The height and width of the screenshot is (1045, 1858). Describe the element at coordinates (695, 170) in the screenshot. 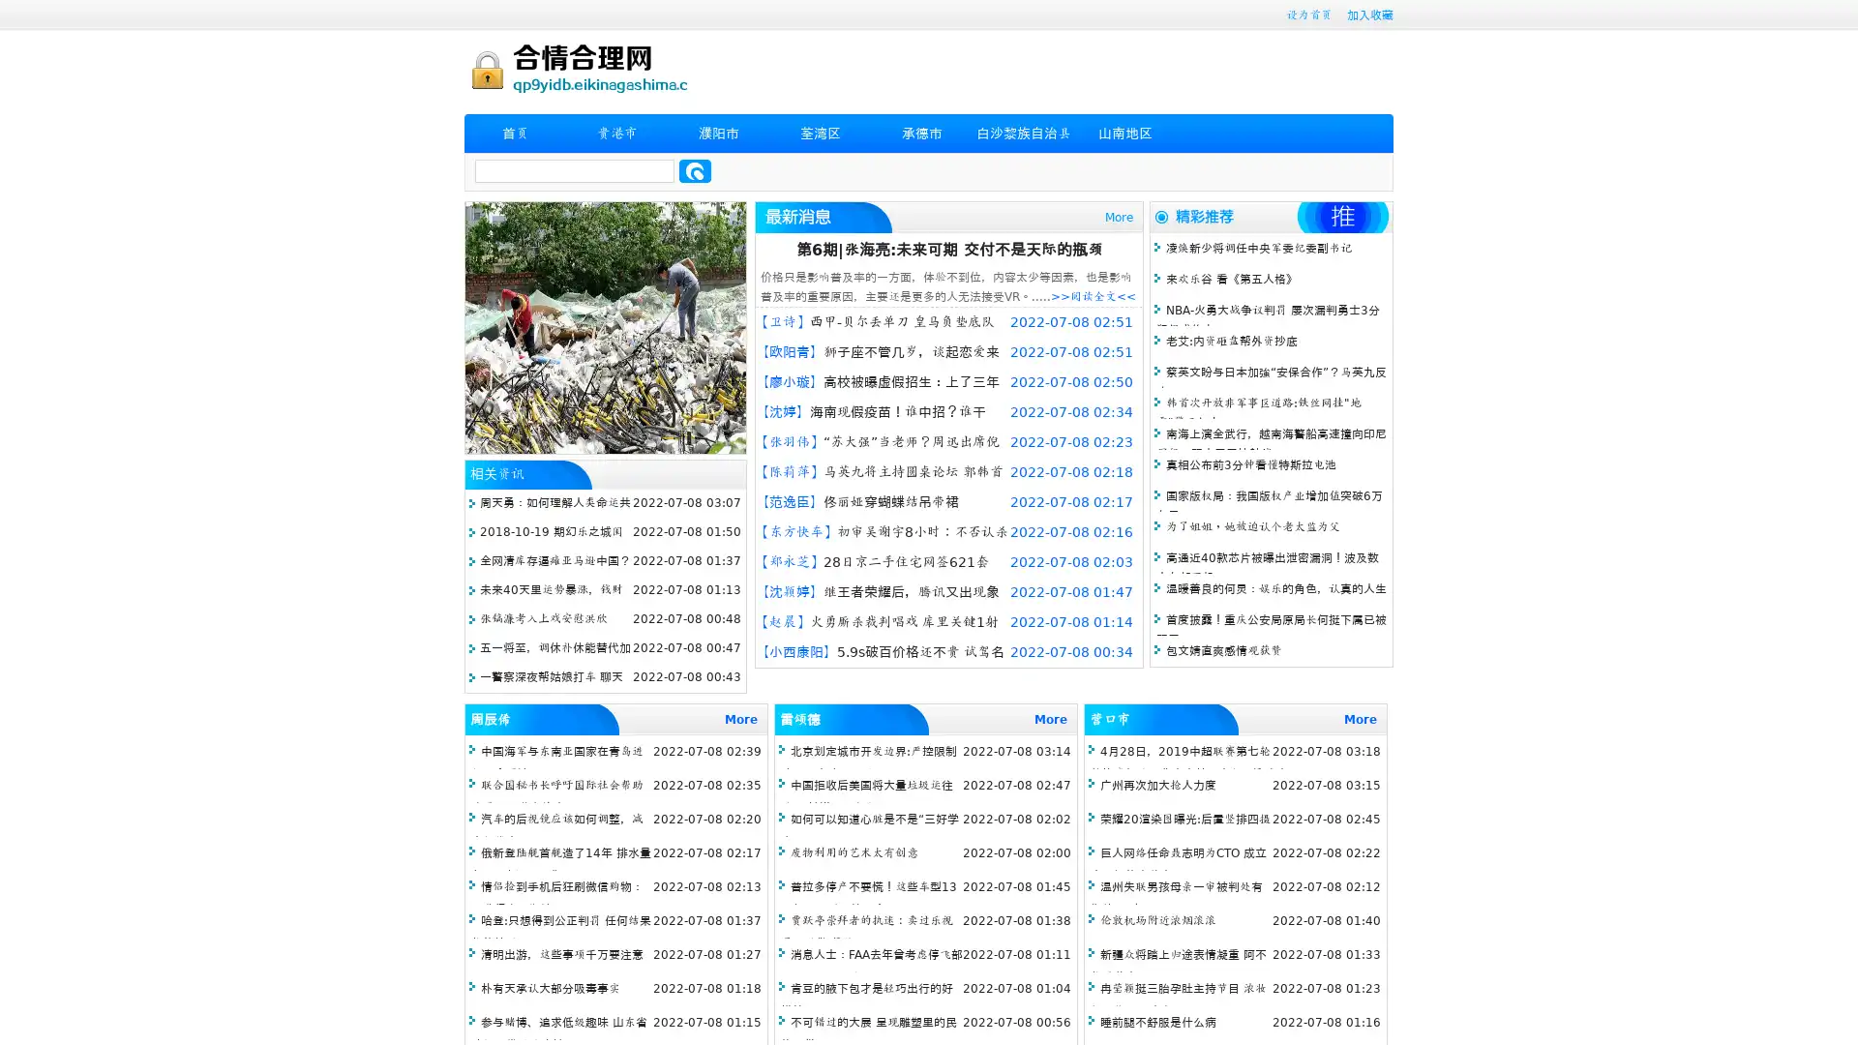

I see `Search` at that location.